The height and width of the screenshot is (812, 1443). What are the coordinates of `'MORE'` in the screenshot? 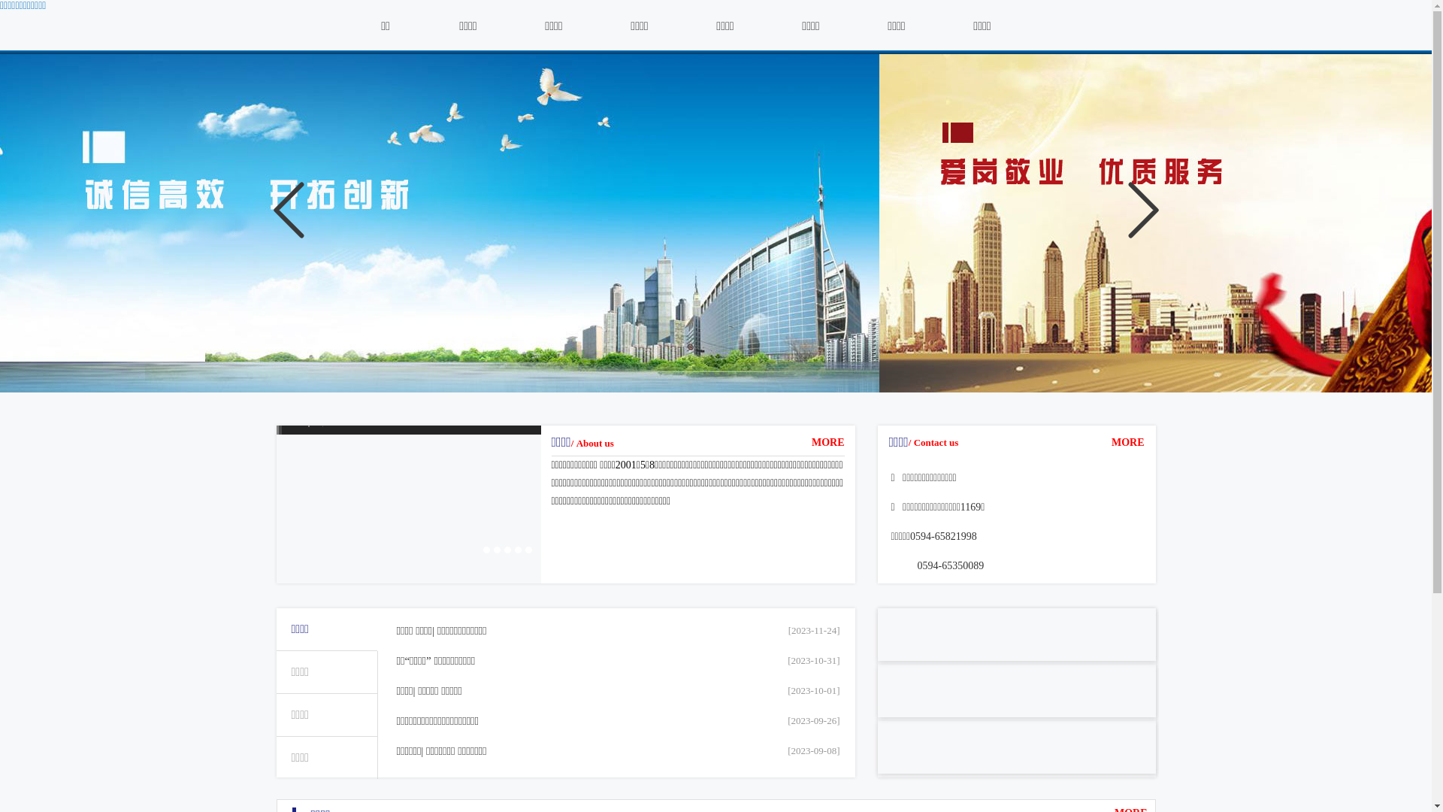 It's located at (827, 441).